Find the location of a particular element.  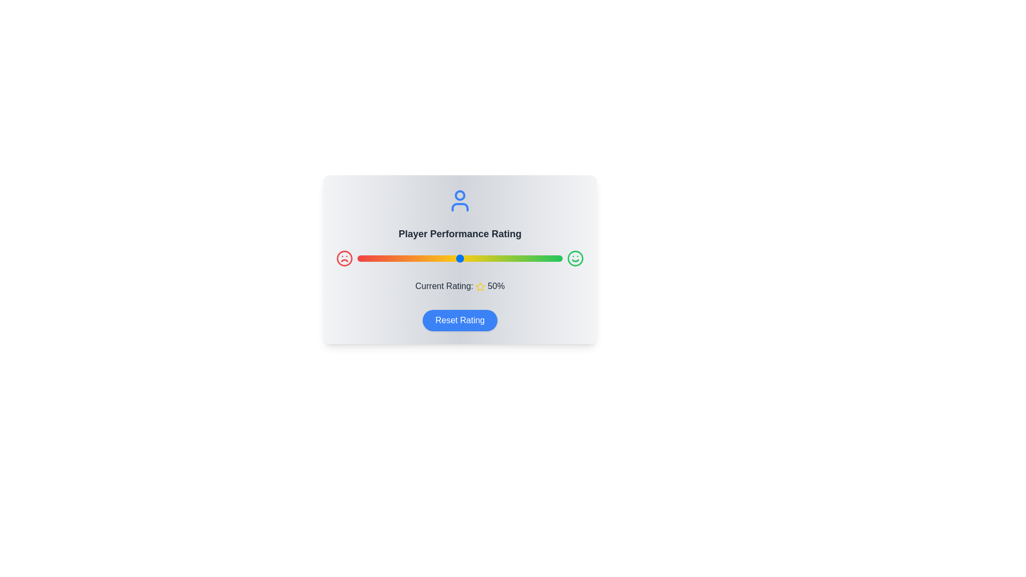

the rating slider to 0% is located at coordinates (357, 258).